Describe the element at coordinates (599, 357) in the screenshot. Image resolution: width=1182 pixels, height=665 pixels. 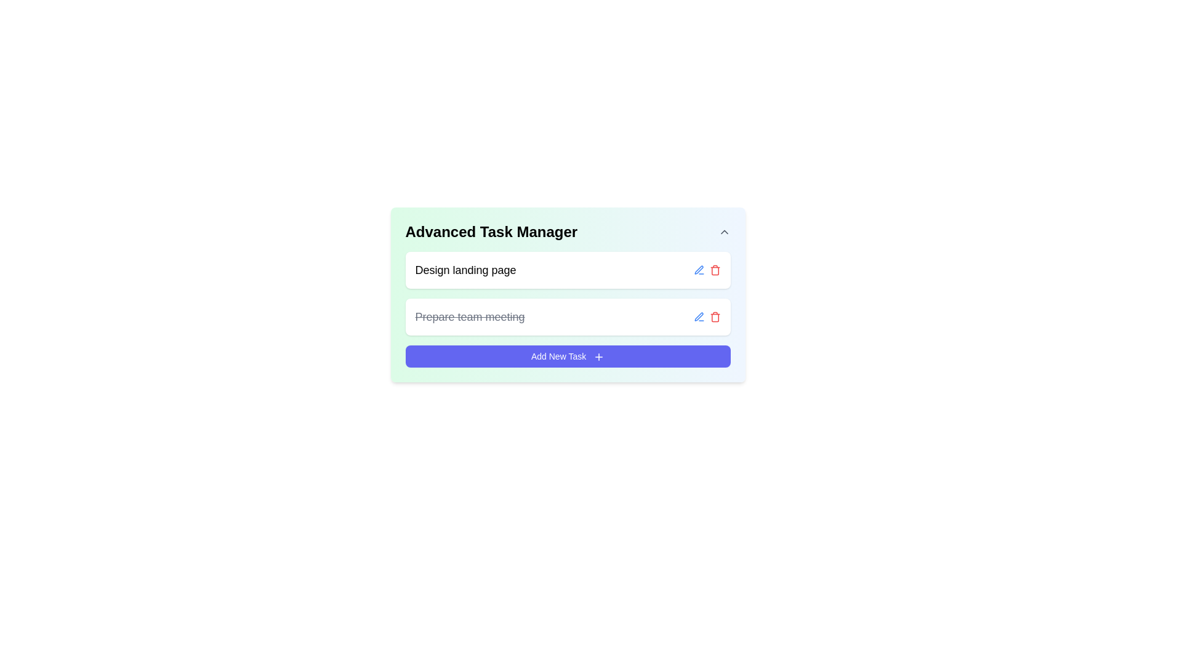
I see `the SVG icon that emphasizes the action of adding a new task, located on the right side of the 'Add New Task' button at the bottom of the 'Advanced Task Manager' section` at that location.